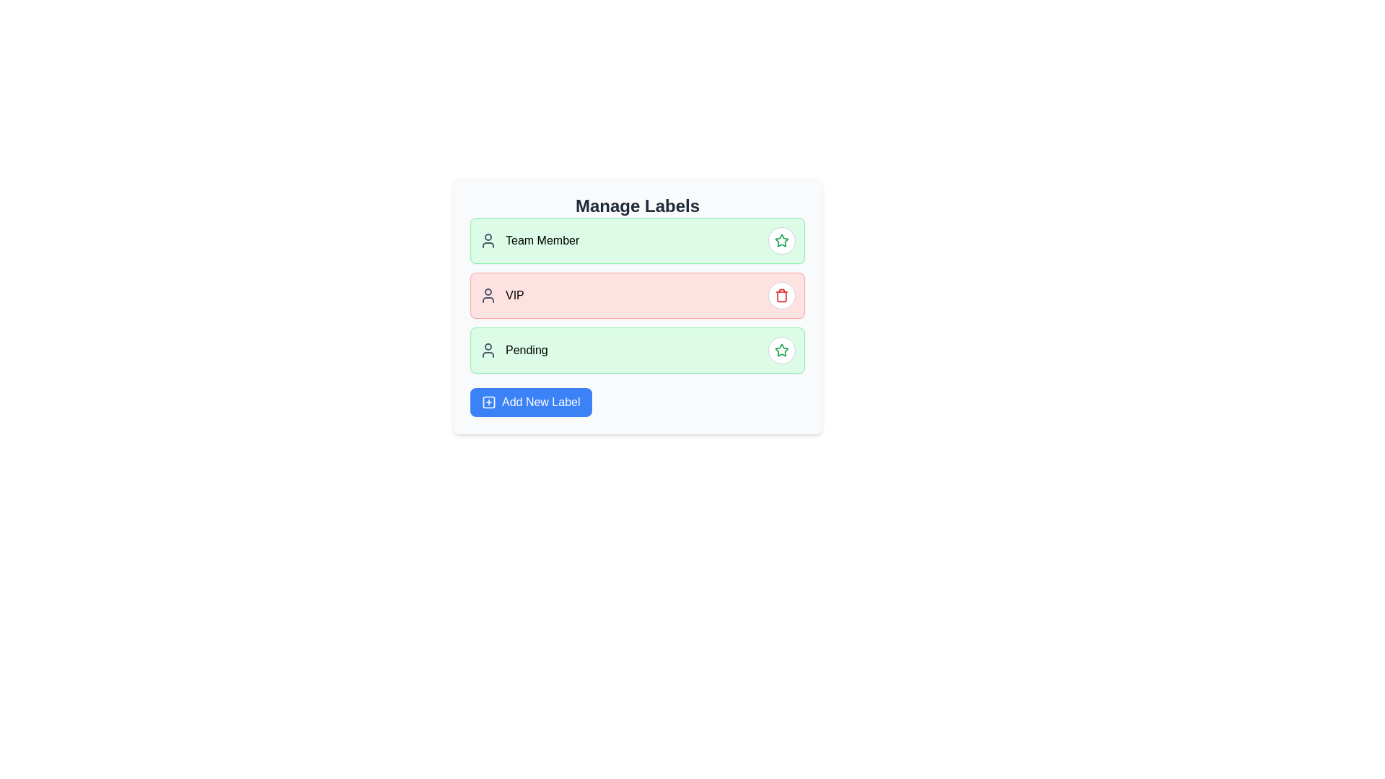  I want to click on the user silhouette icon located within the red-highlighted VIP section, which is the first item in a horizontal grouping followed by the text 'VIP', so click(488, 294).